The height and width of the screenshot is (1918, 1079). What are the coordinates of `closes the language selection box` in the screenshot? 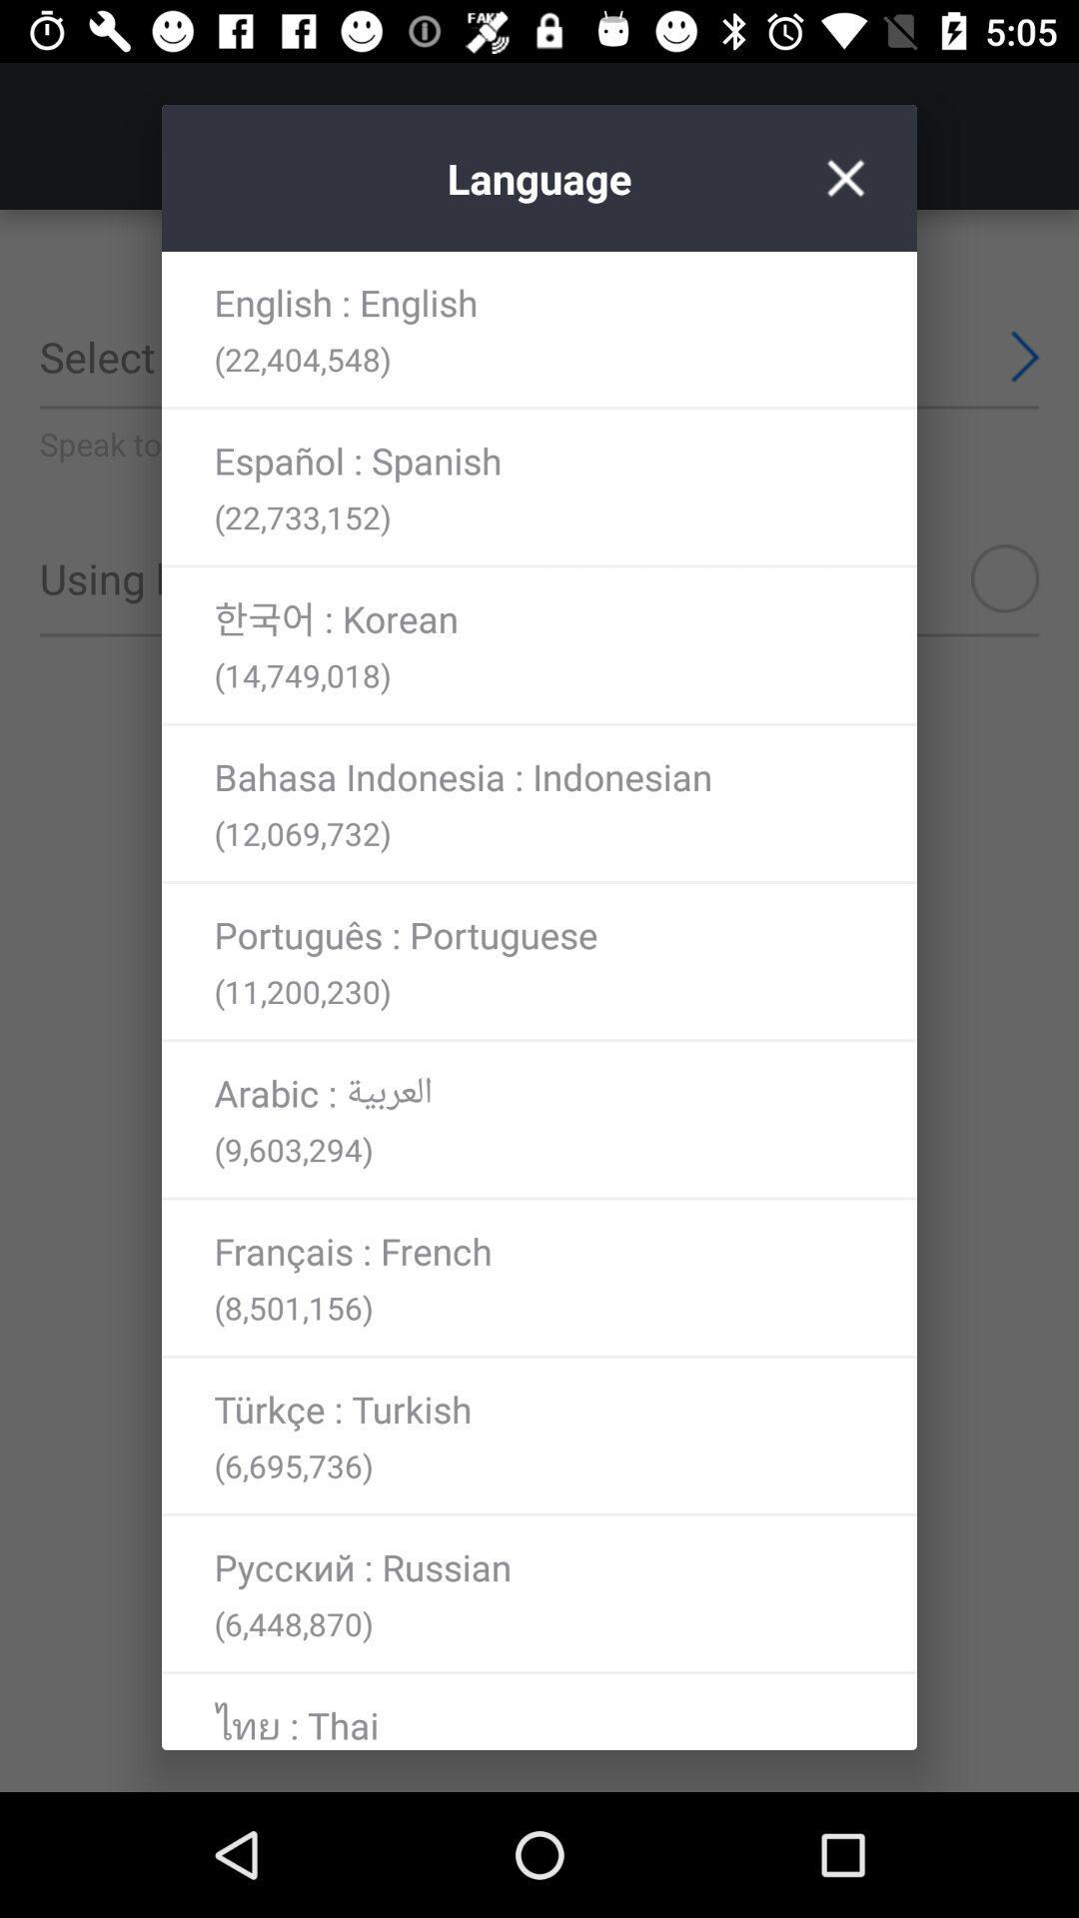 It's located at (845, 178).